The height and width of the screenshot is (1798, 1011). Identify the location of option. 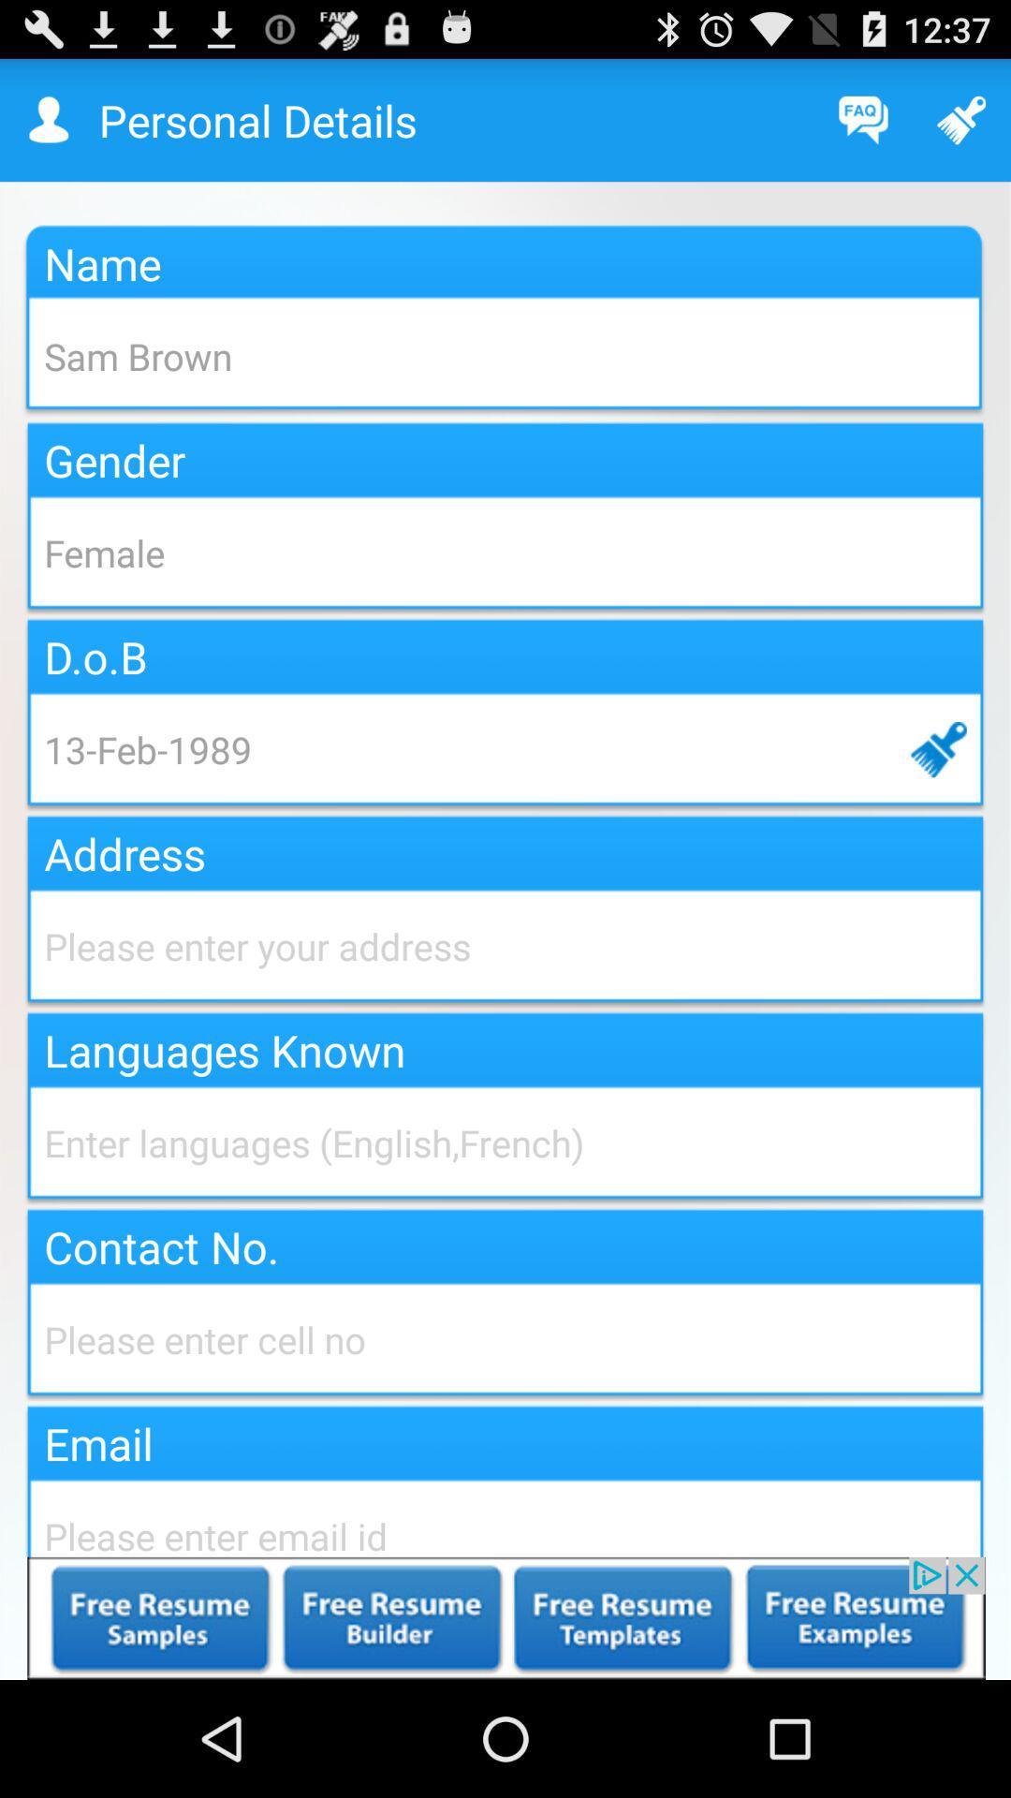
(505, 1617).